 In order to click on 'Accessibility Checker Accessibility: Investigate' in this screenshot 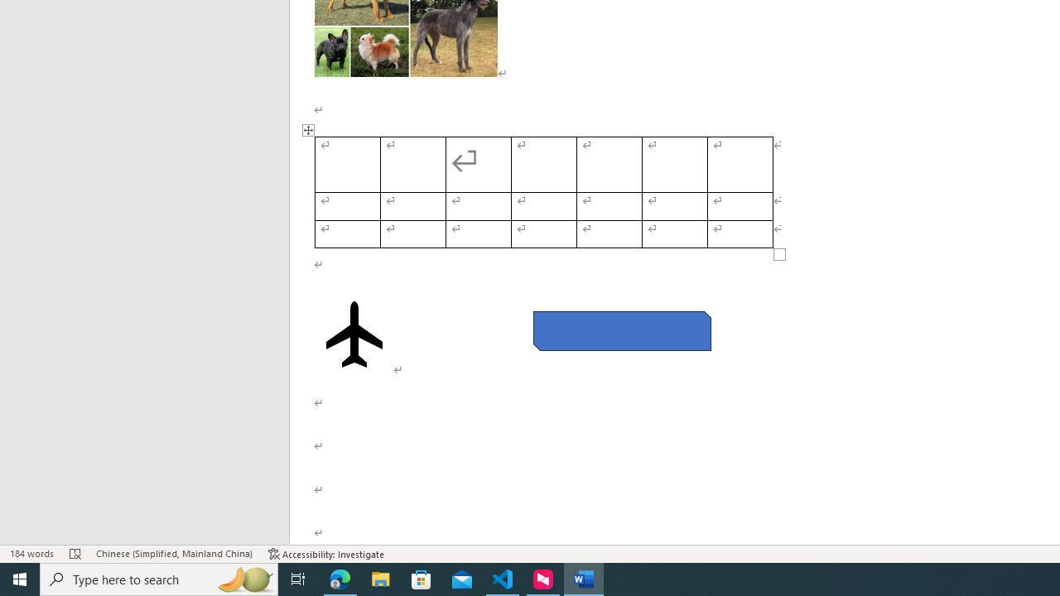, I will do `click(326, 554)`.